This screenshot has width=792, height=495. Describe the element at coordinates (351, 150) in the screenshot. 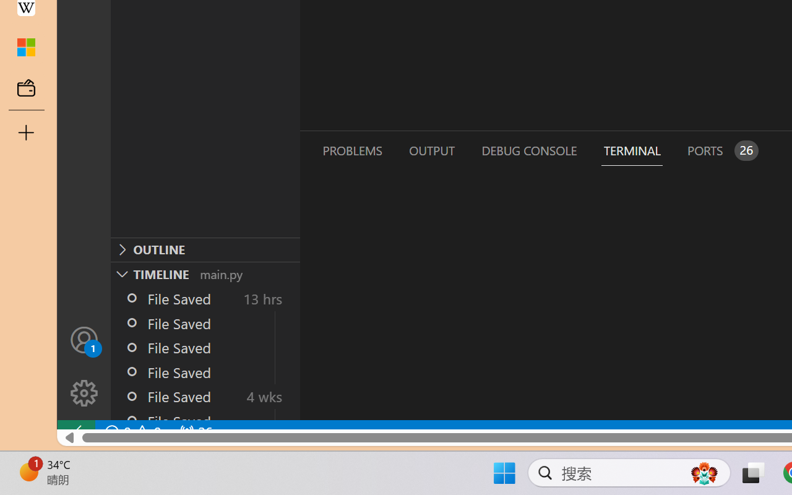

I see `'Problems (Ctrl+Shift+M)'` at that location.